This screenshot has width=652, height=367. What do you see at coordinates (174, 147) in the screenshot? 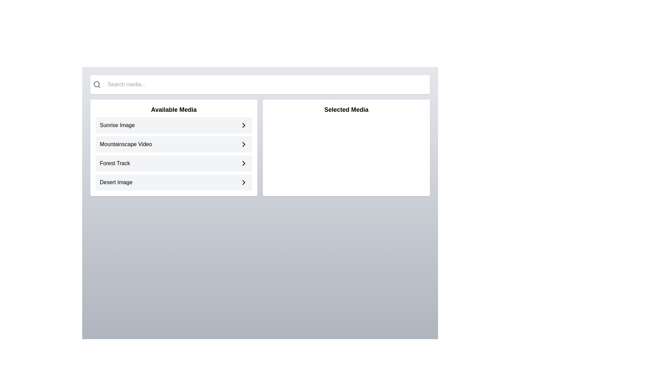
I see `the 'Available Media' item` at bounding box center [174, 147].